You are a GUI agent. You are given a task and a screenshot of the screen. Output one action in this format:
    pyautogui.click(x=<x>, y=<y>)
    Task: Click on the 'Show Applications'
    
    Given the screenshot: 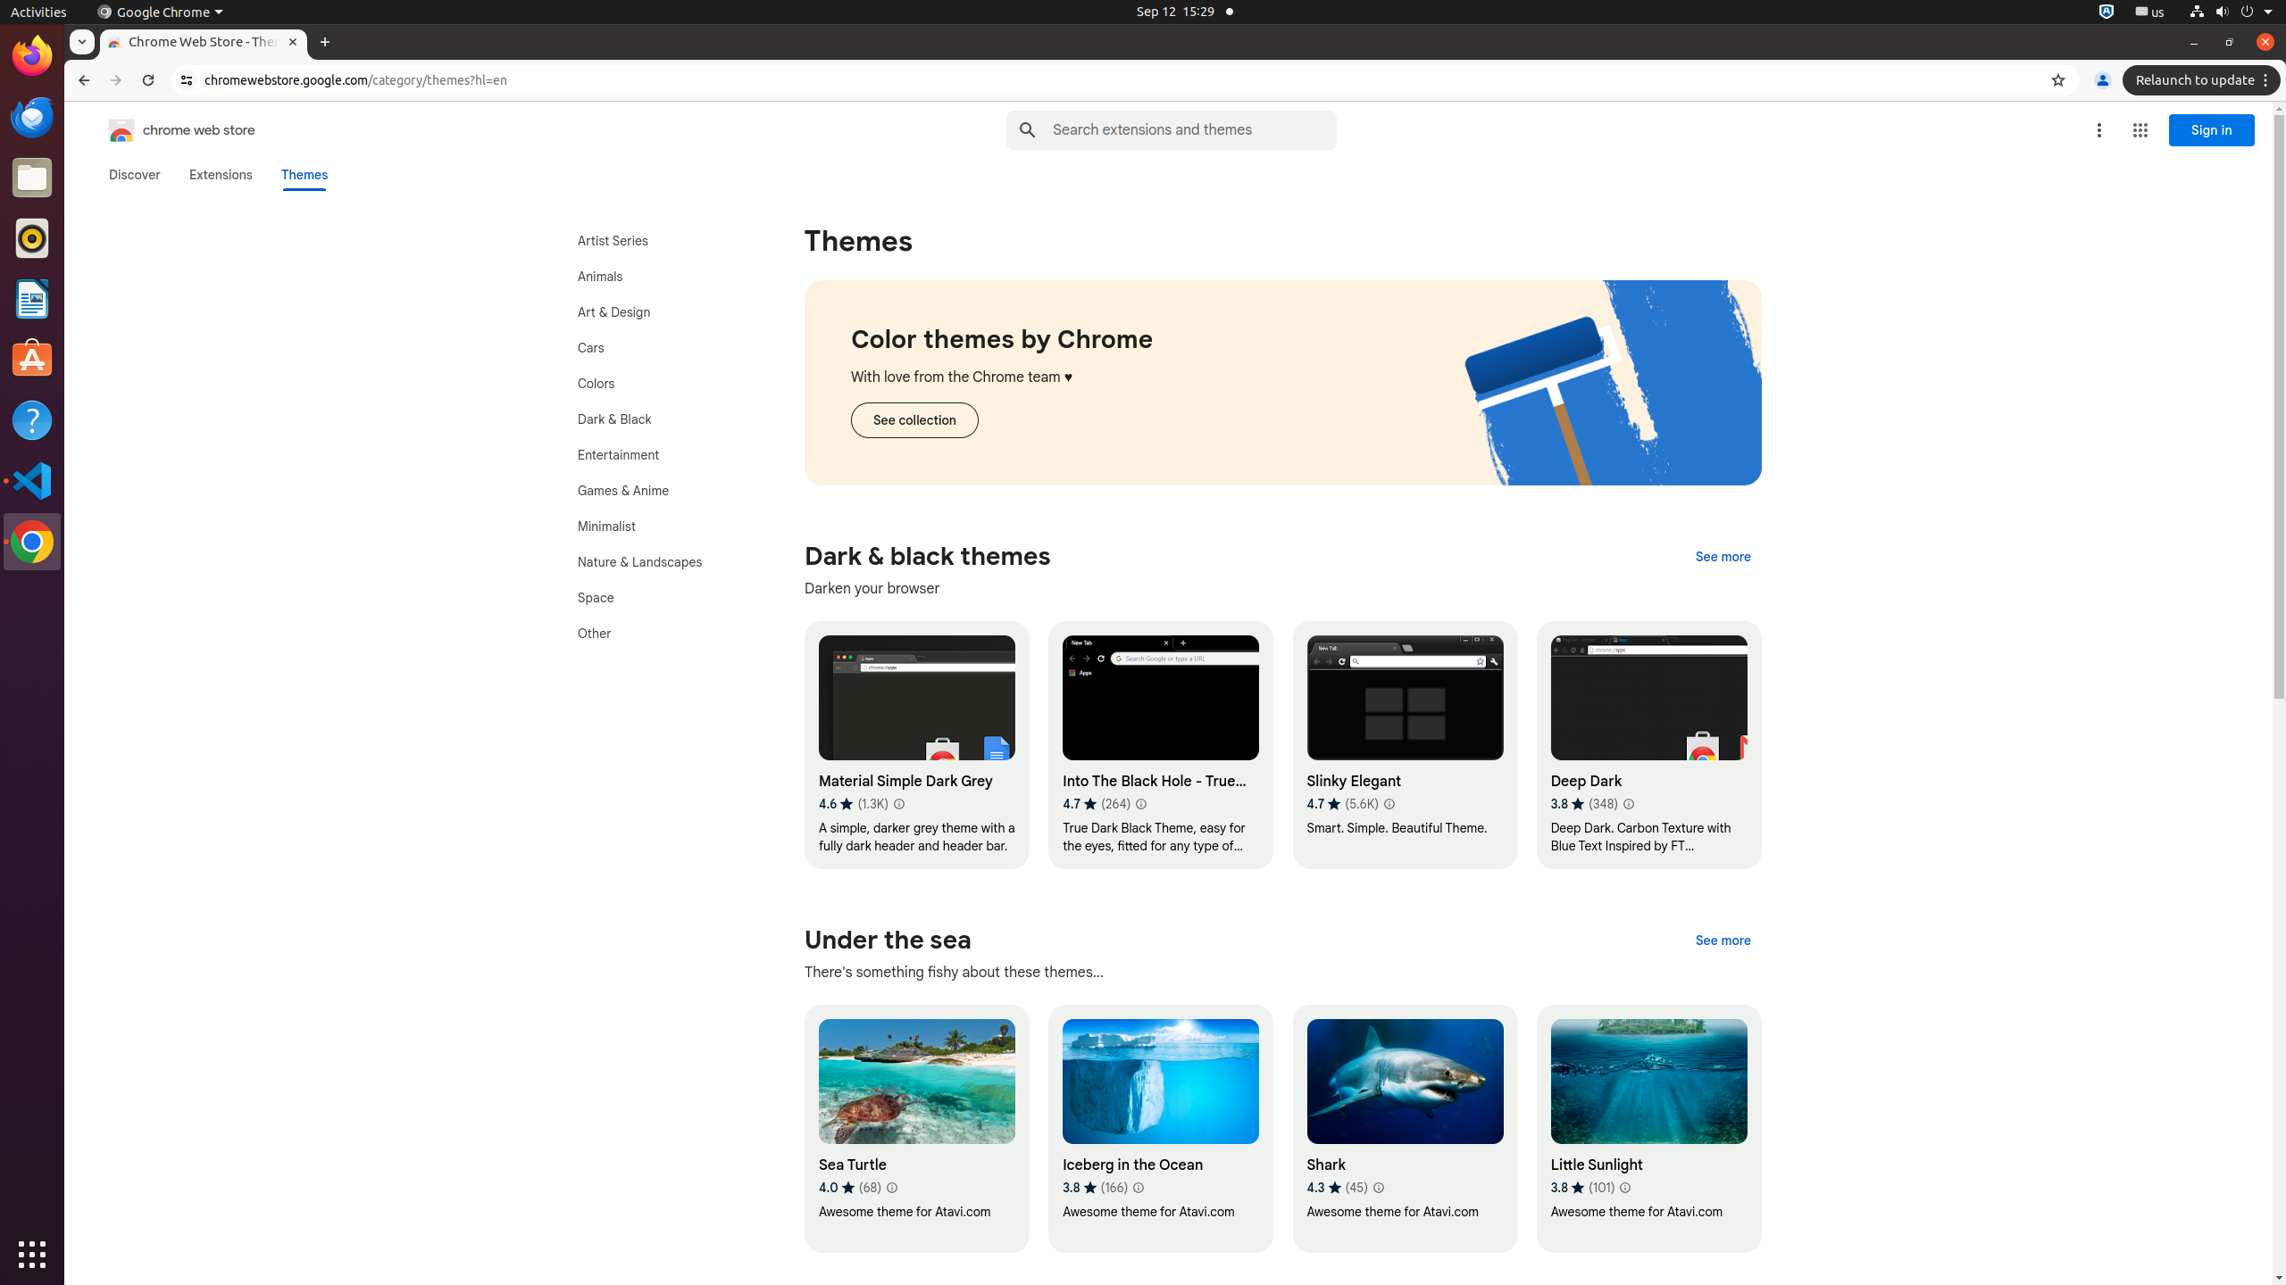 What is the action you would take?
    pyautogui.click(x=32, y=1254)
    